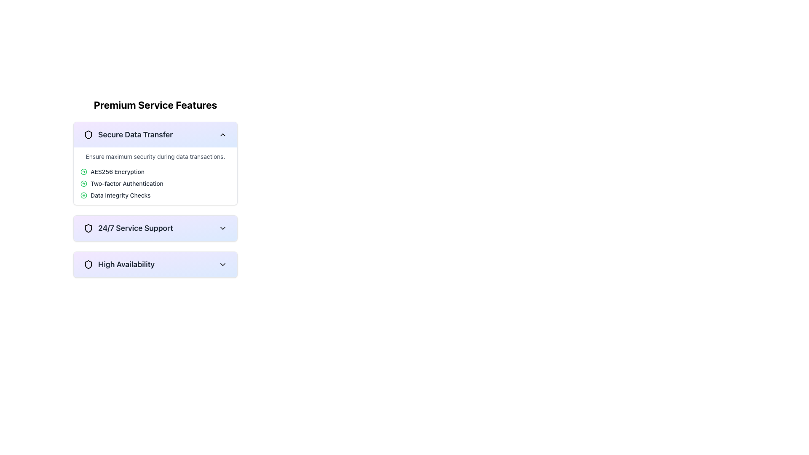  I want to click on the list items in the 'Secure Data Transfer' section of the List View with Description, which includes the description 'Ensure maximum security during data transactions.' and the bulleted list with checkmarks, so click(155, 175).